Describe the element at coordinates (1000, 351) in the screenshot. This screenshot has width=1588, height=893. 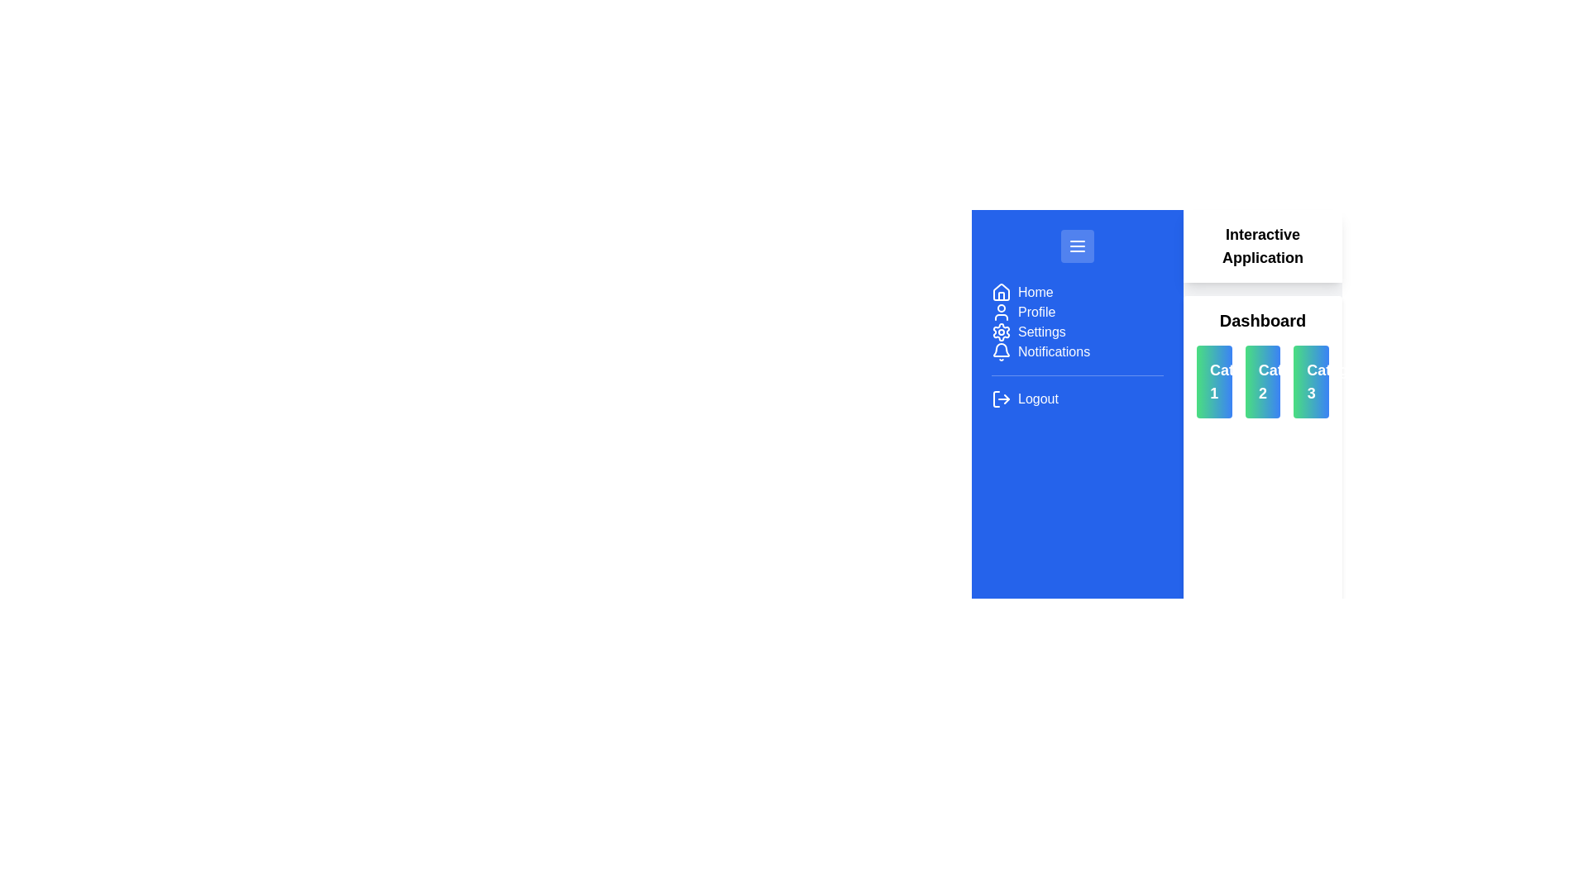
I see `the 'Notifications' icon located in the left sidebar menu` at that location.